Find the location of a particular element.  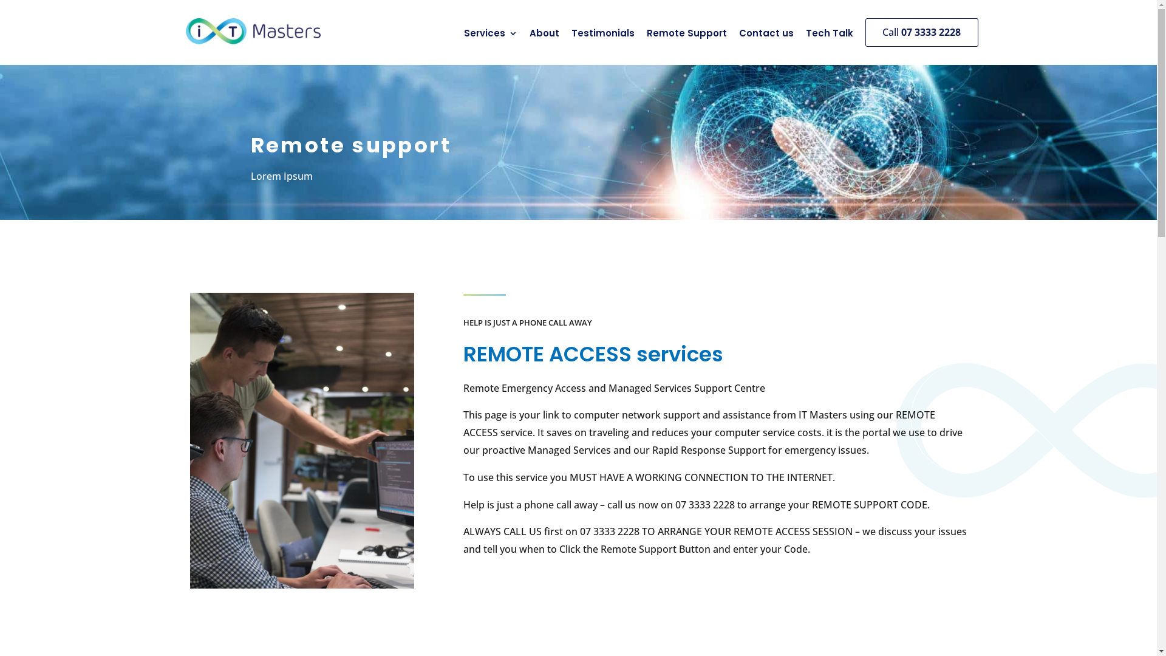

'07 3333 2228' is located at coordinates (930, 32).